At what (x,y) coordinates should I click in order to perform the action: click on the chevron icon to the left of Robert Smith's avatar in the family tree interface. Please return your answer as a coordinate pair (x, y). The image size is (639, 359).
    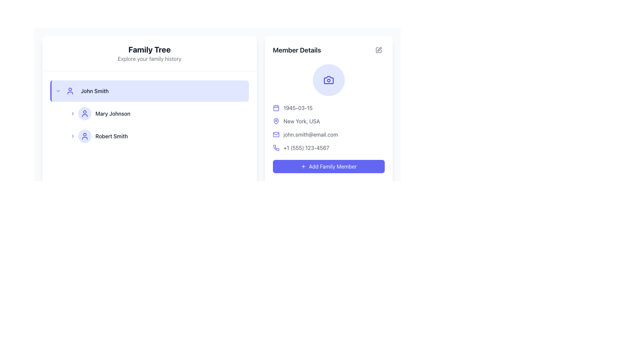
    Looking at the image, I should click on (73, 136).